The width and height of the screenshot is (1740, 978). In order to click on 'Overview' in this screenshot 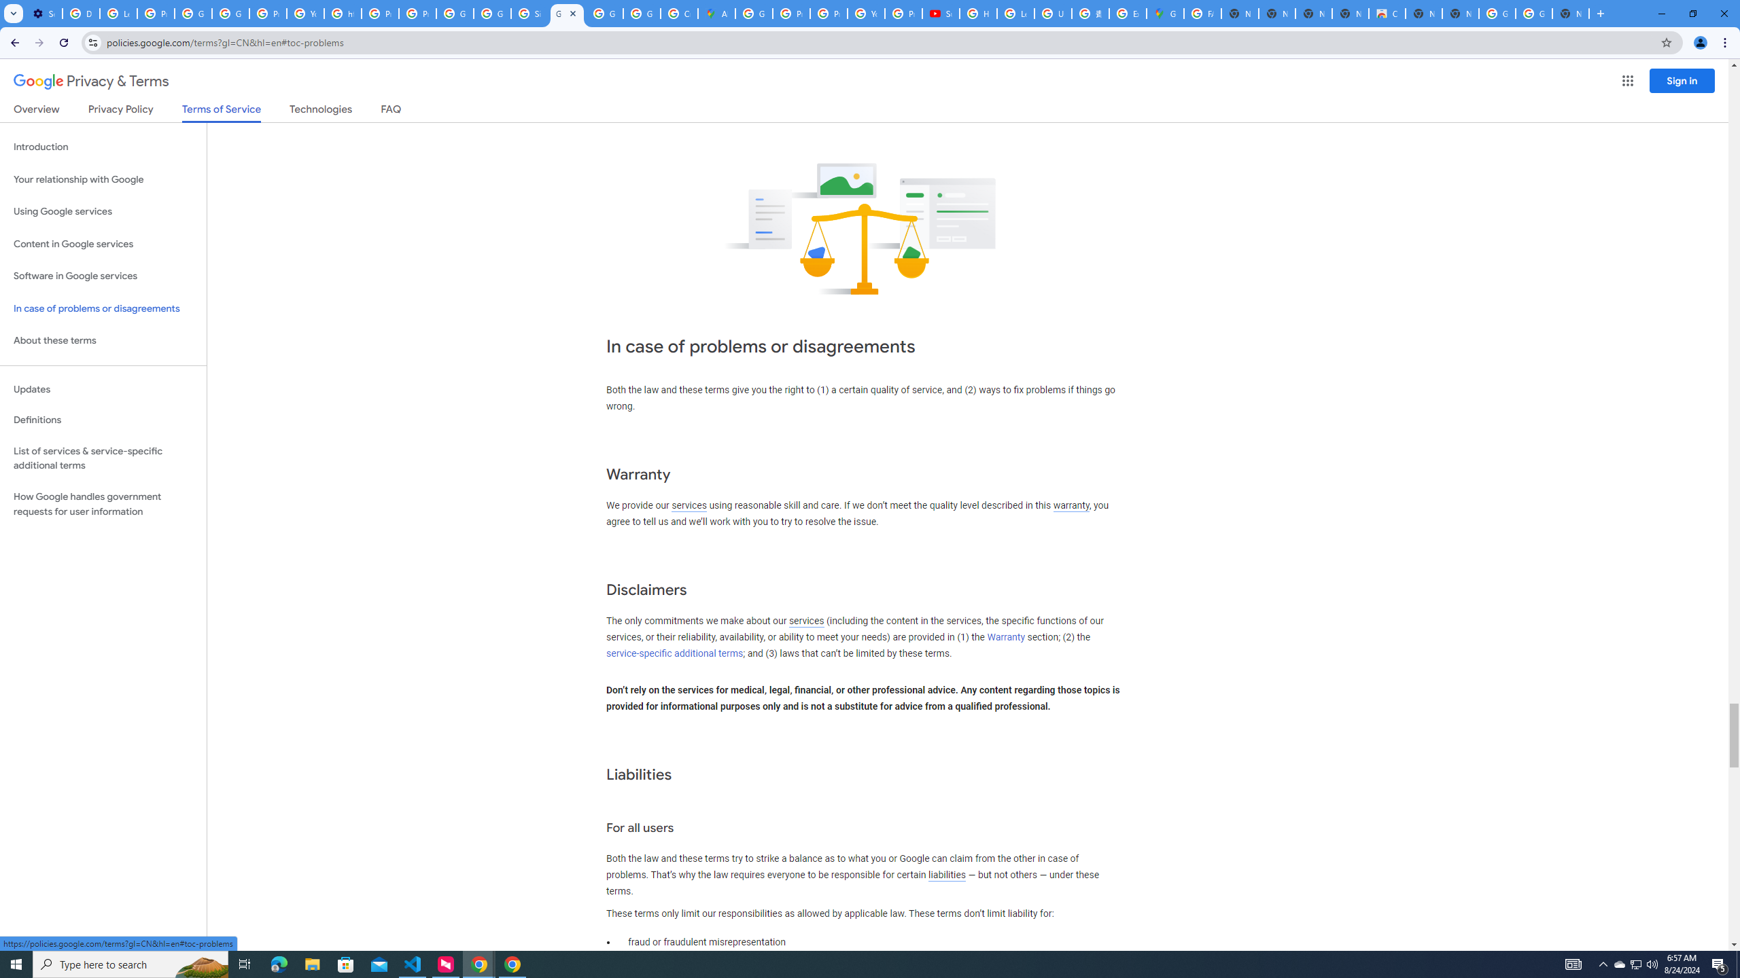, I will do `click(35, 111)`.